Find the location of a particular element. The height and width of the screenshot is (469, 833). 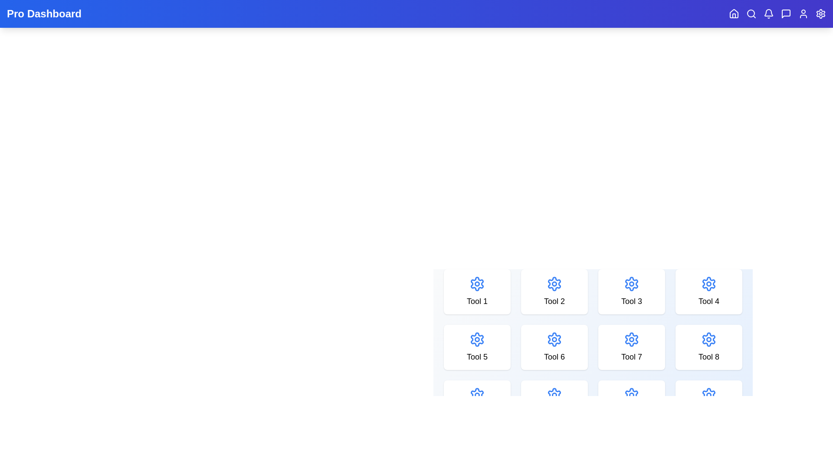

the User navigation icon in the header is located at coordinates (803, 13).